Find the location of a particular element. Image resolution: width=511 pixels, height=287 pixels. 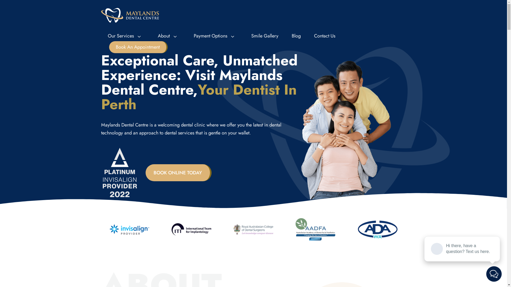

'Our Services' is located at coordinates (126, 36).